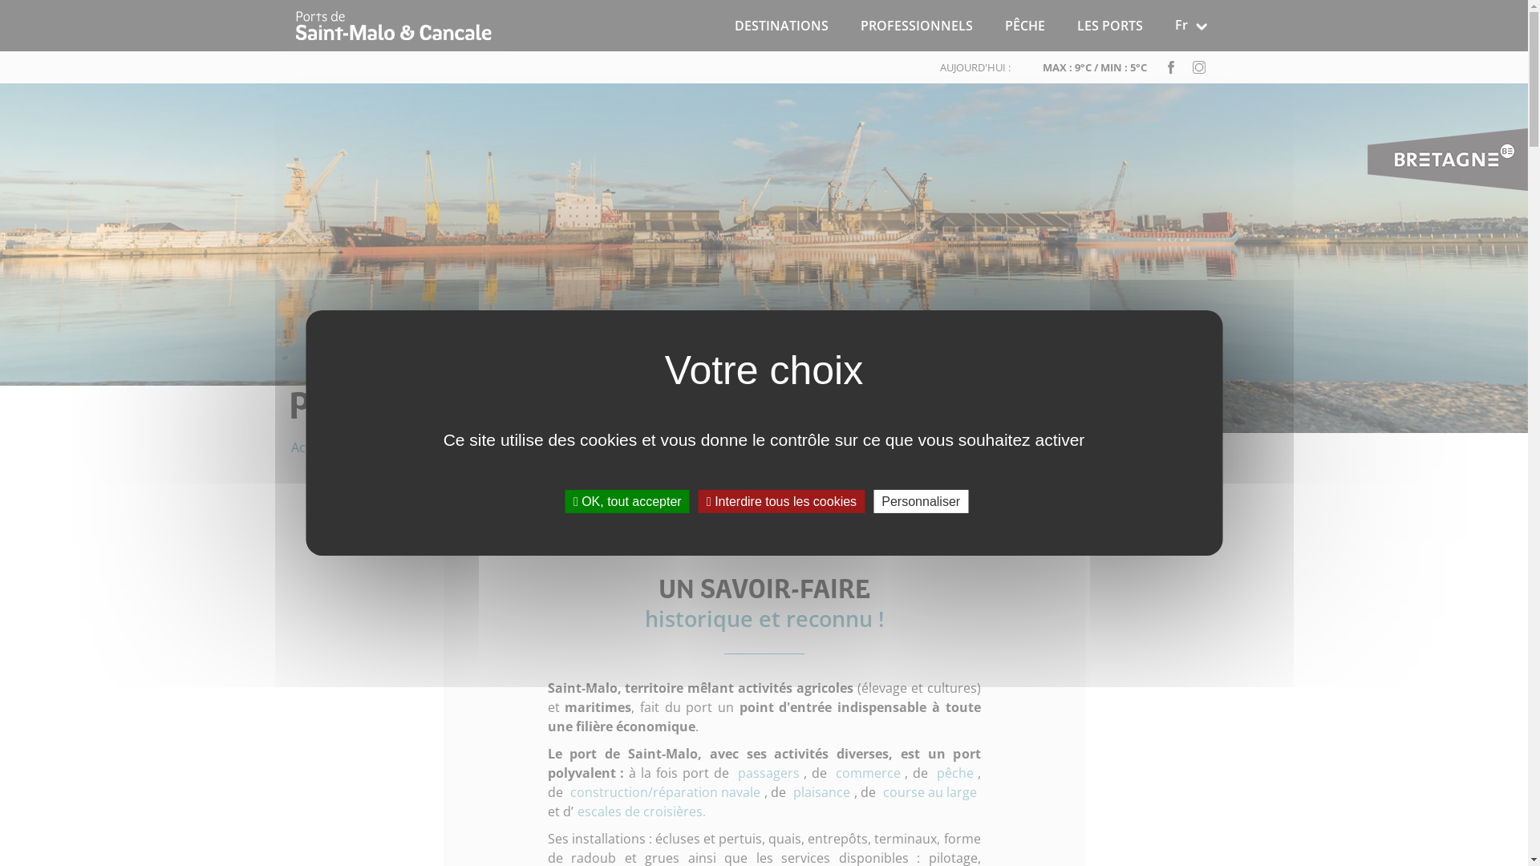 This screenshot has width=1540, height=866. Describe the element at coordinates (1170, 67) in the screenshot. I see `'facebook'` at that location.